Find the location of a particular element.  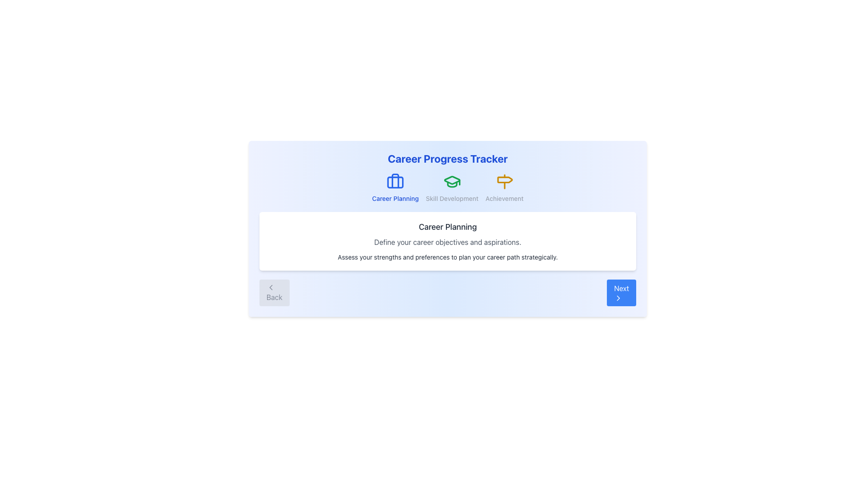

the 'Achievement' button, which is a yellow signpost icon with the text label below it, located as the third item in a horizontal list of buttons is located at coordinates (504, 188).